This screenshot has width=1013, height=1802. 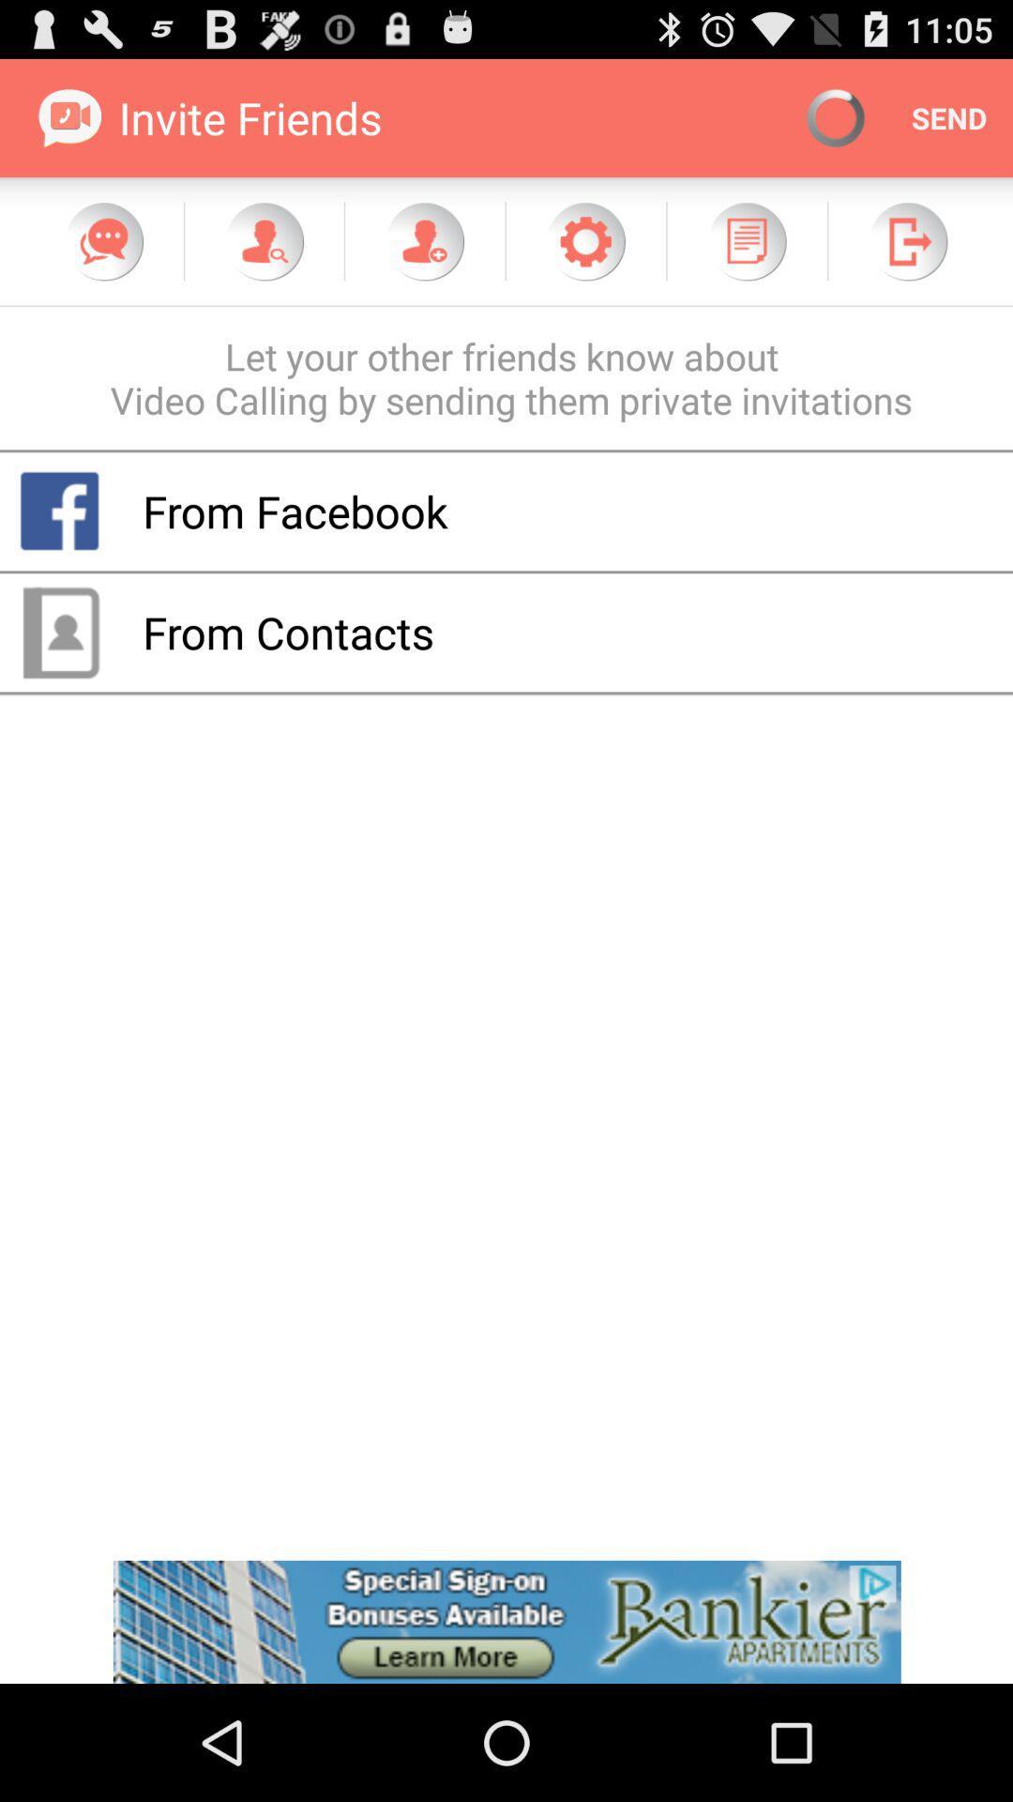 I want to click on file copy option, so click(x=746, y=240).